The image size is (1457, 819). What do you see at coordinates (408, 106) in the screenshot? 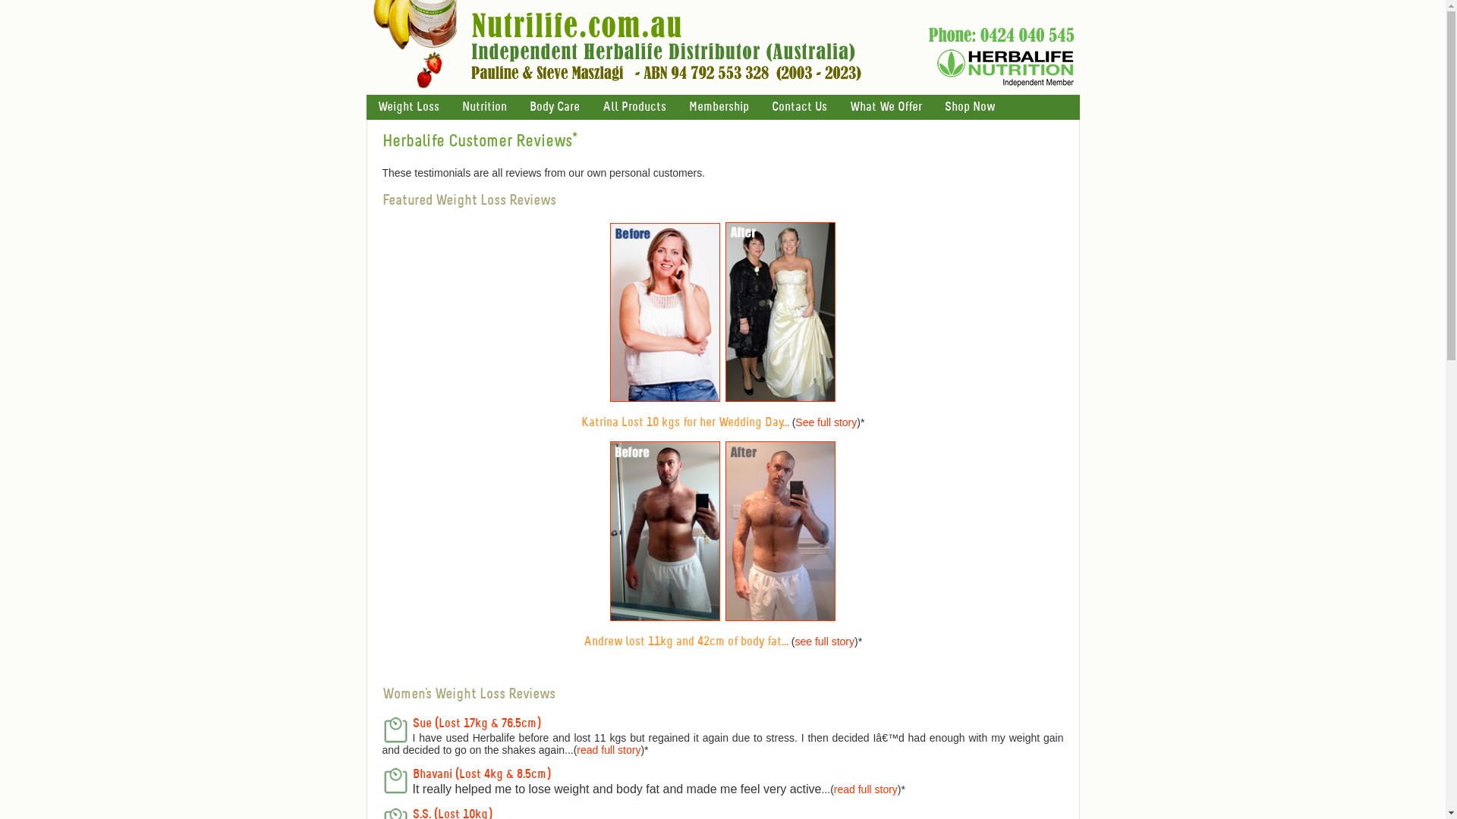
I see `'Weight Loss'` at bounding box center [408, 106].